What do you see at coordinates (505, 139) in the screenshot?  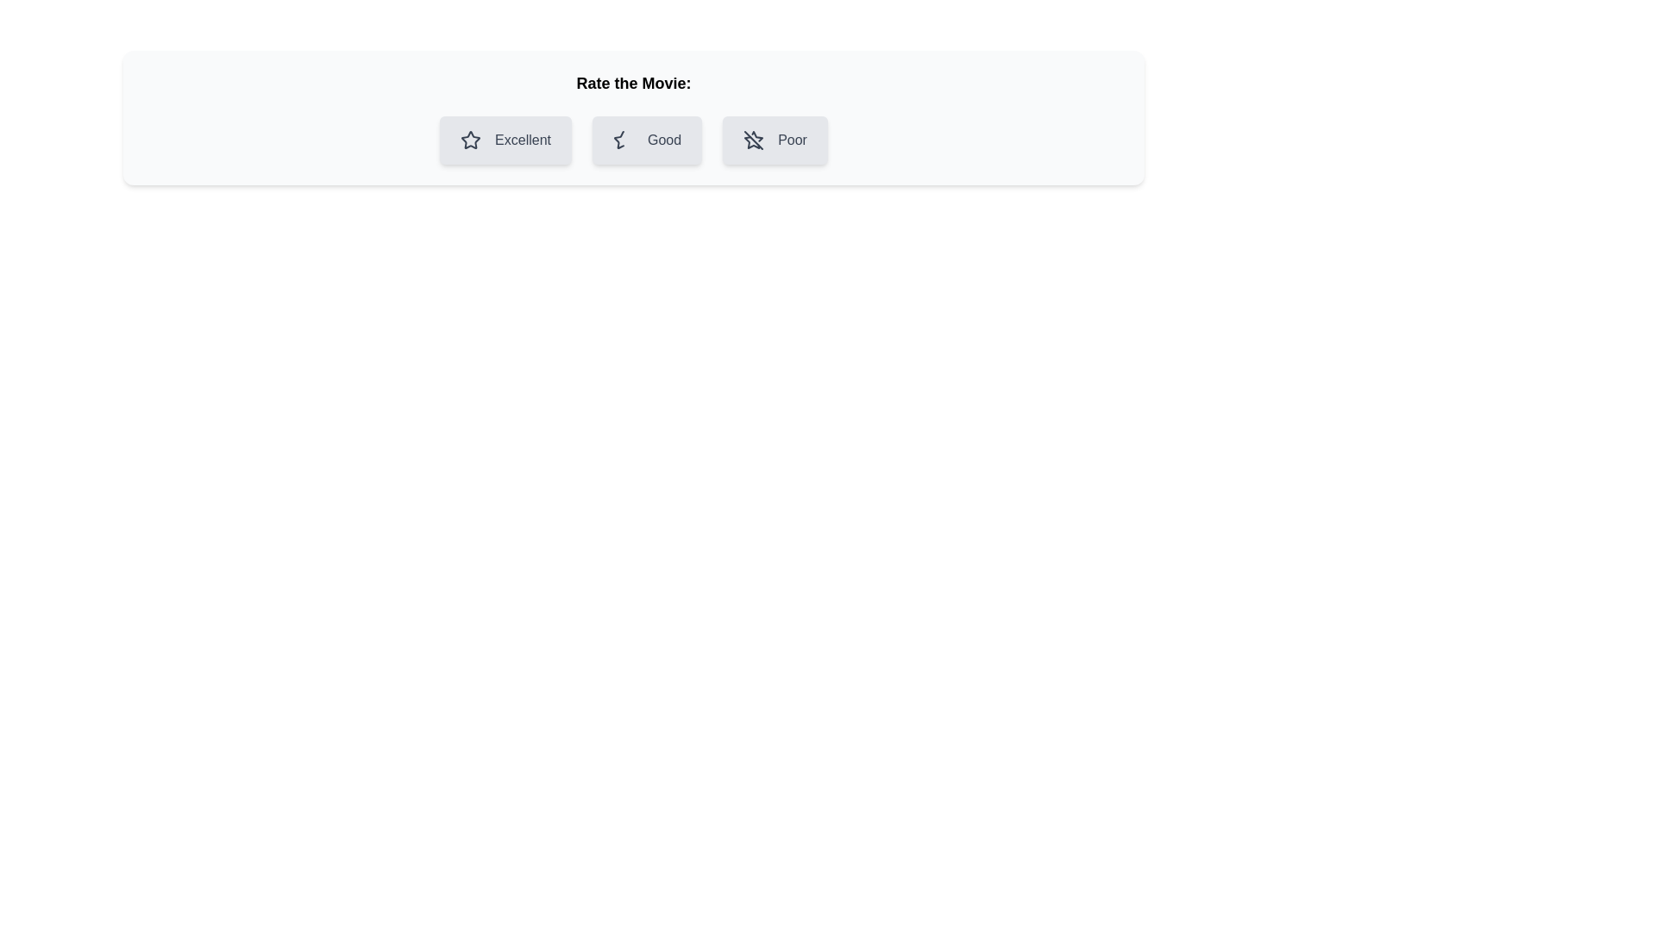 I see `the rating chip labeled Excellent by clicking on it` at bounding box center [505, 139].